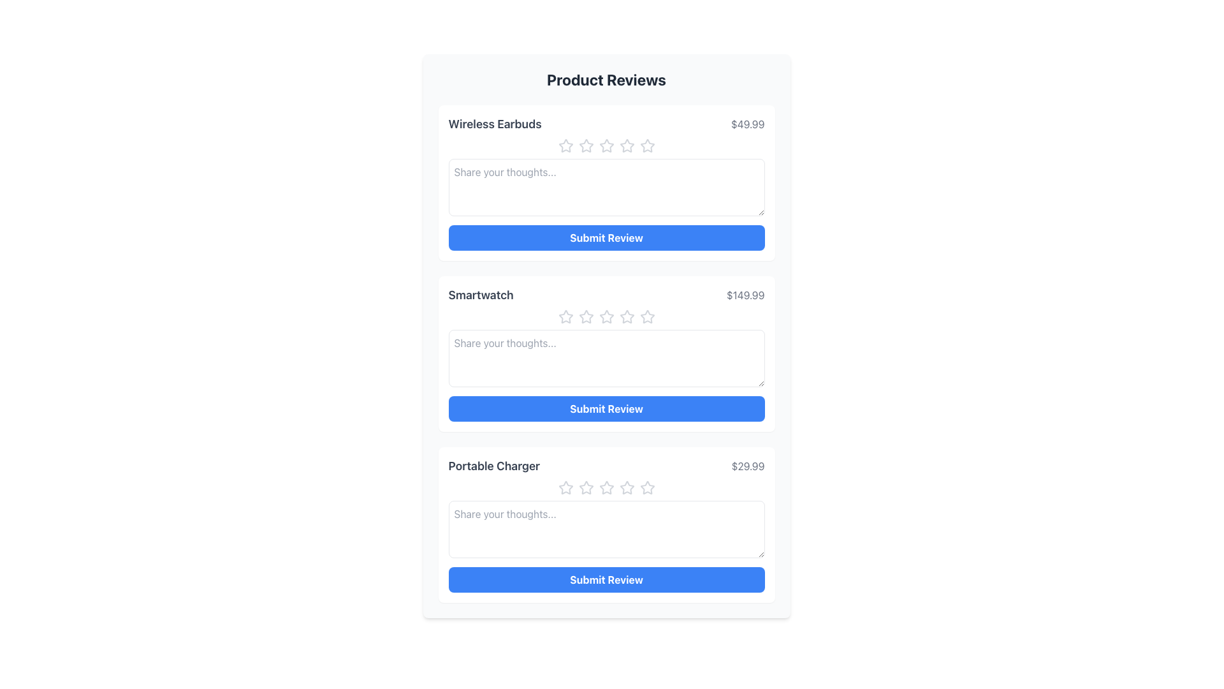  What do you see at coordinates (606, 145) in the screenshot?
I see `the second rating star icon` at bounding box center [606, 145].